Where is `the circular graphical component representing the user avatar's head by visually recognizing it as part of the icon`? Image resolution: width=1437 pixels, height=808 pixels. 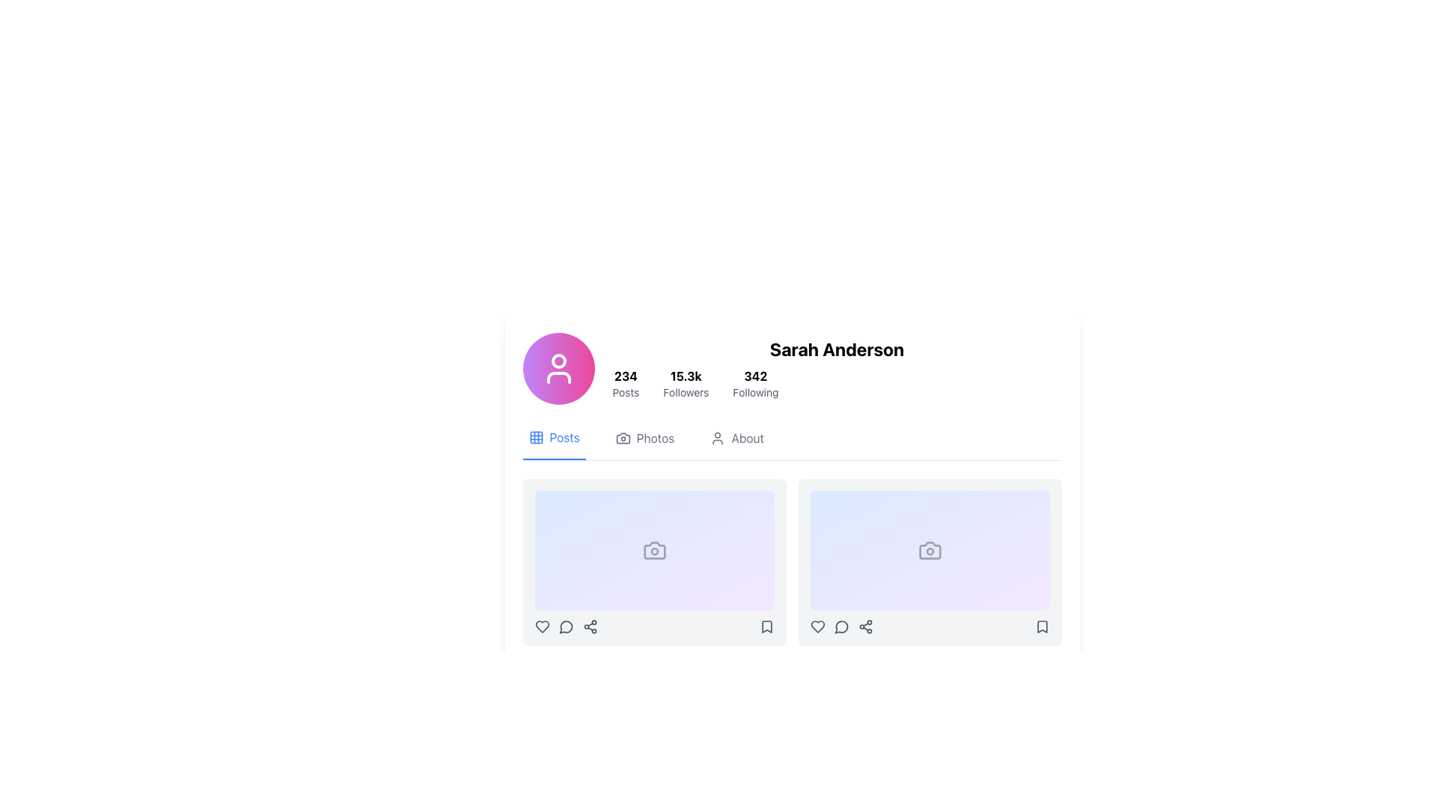 the circular graphical component representing the user avatar's head by visually recognizing it as part of the icon is located at coordinates (558, 361).